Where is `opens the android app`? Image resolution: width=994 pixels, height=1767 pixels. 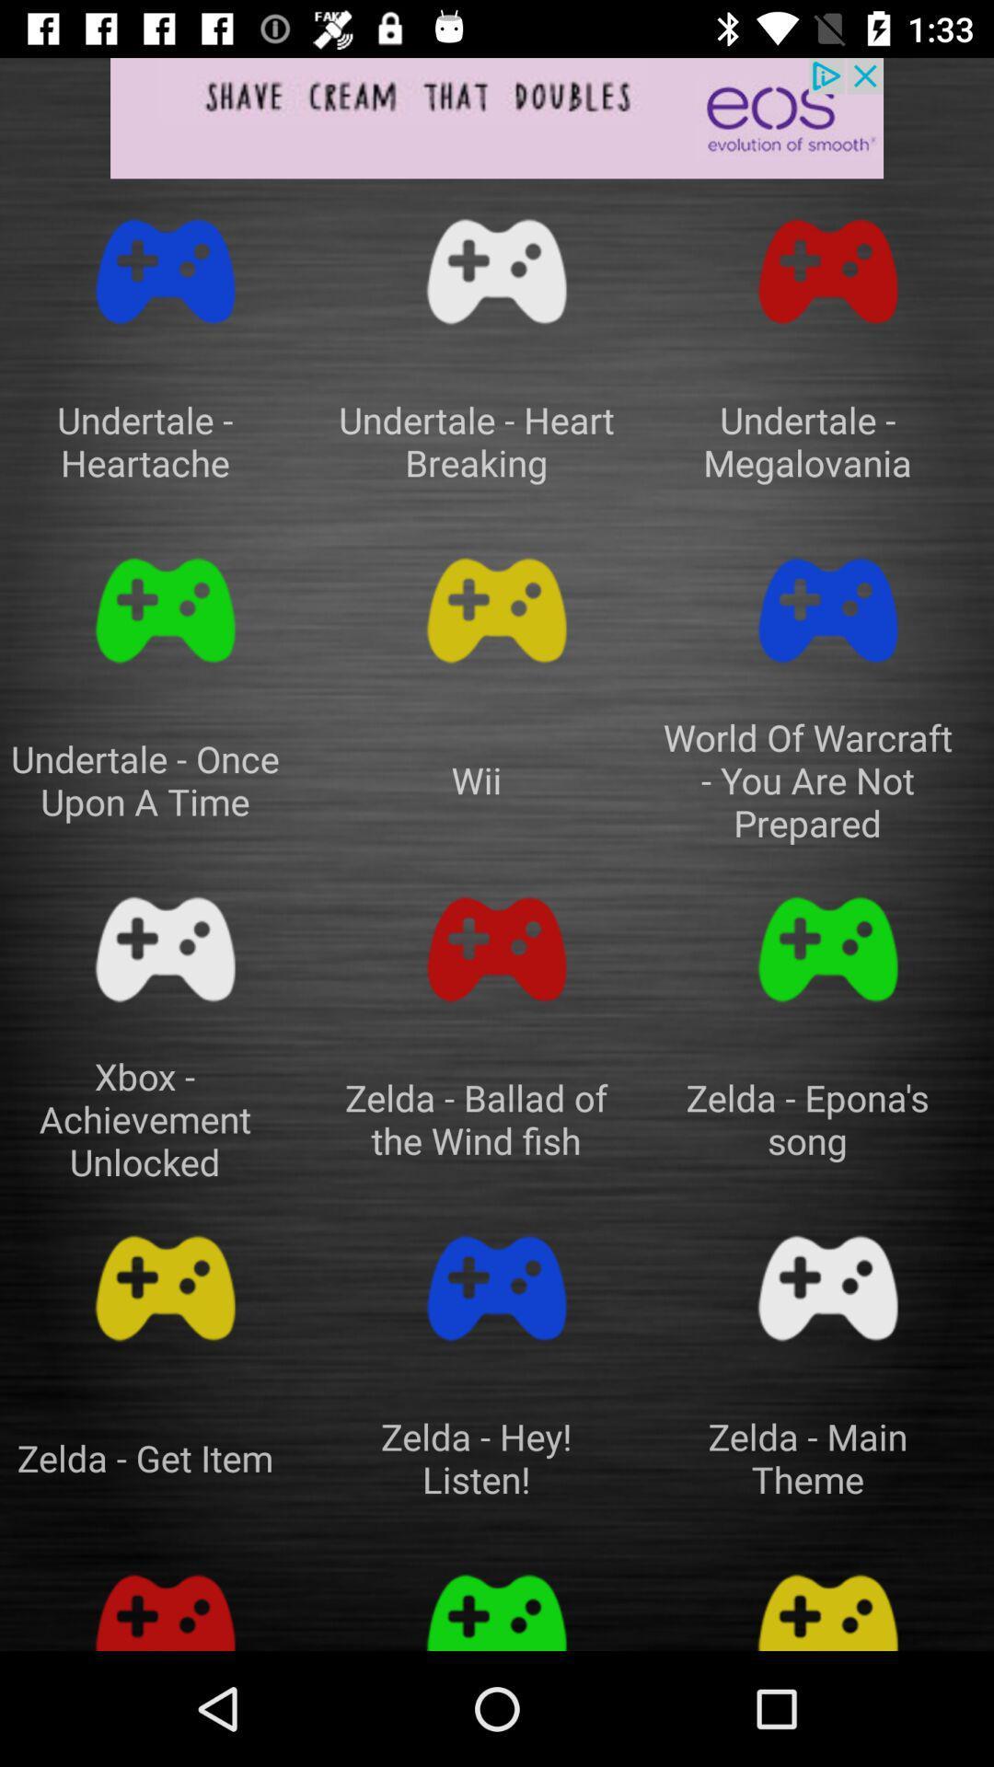 opens the android app is located at coordinates (166, 610).